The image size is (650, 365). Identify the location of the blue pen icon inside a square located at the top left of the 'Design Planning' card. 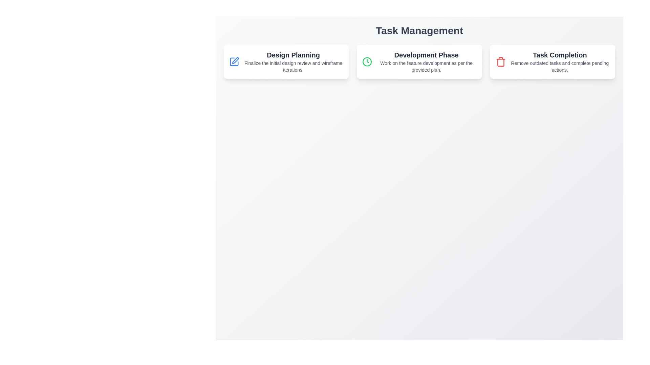
(234, 62).